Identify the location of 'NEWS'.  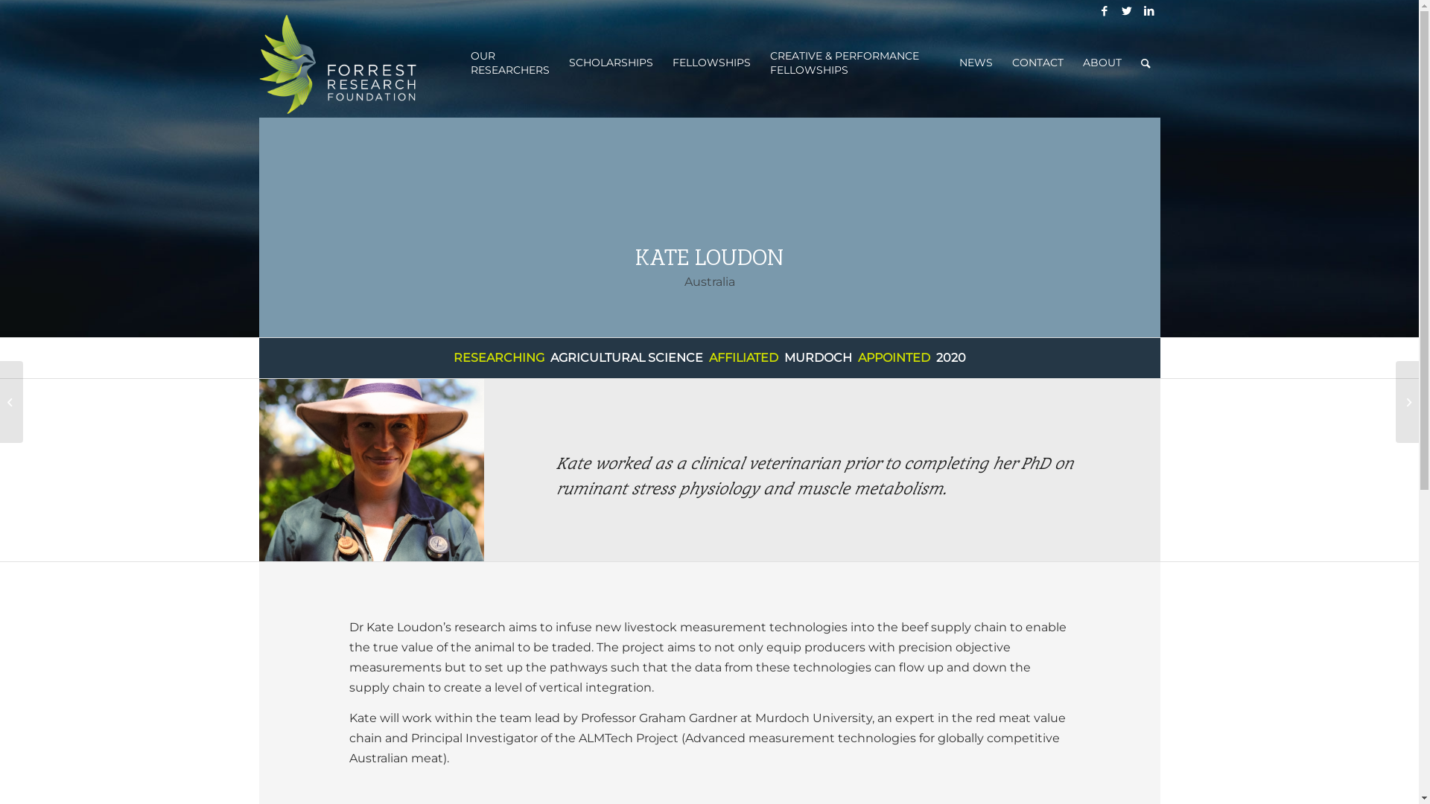
(975, 62).